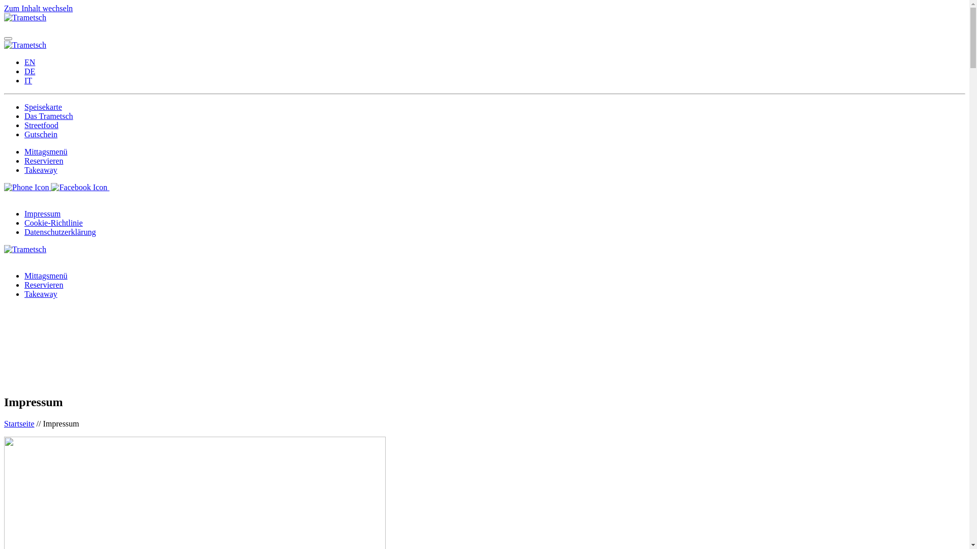 Image resolution: width=977 pixels, height=549 pixels. I want to click on 'EN', so click(24, 62).